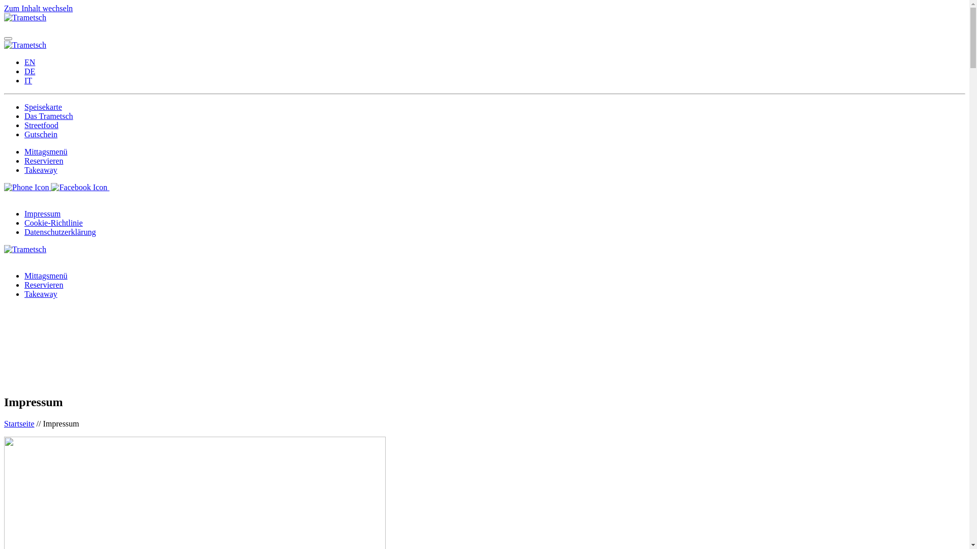 Image resolution: width=977 pixels, height=549 pixels. I want to click on 'EN', so click(24, 62).